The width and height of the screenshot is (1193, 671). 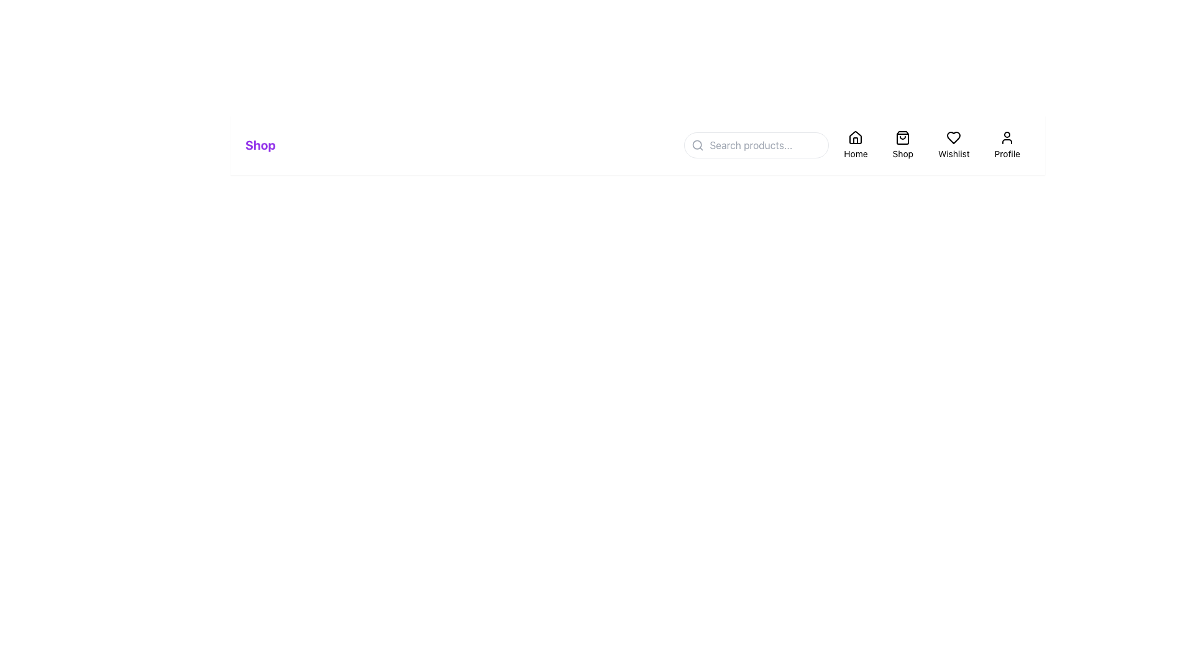 I want to click on the text label 'Wishlist', so click(x=953, y=153).